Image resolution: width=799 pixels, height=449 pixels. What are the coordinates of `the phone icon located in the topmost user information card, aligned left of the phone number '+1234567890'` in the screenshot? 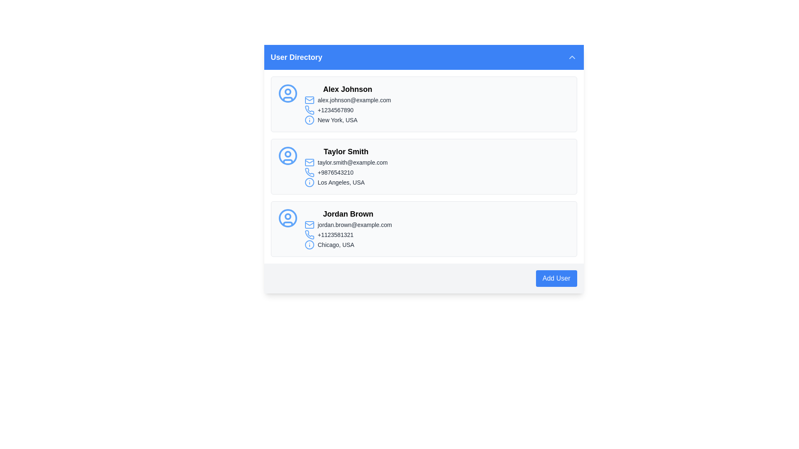 It's located at (309, 110).